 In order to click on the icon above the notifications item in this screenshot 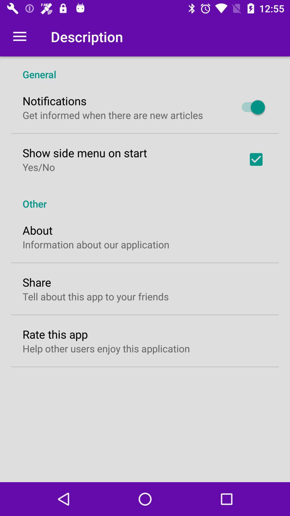, I will do `click(145, 68)`.